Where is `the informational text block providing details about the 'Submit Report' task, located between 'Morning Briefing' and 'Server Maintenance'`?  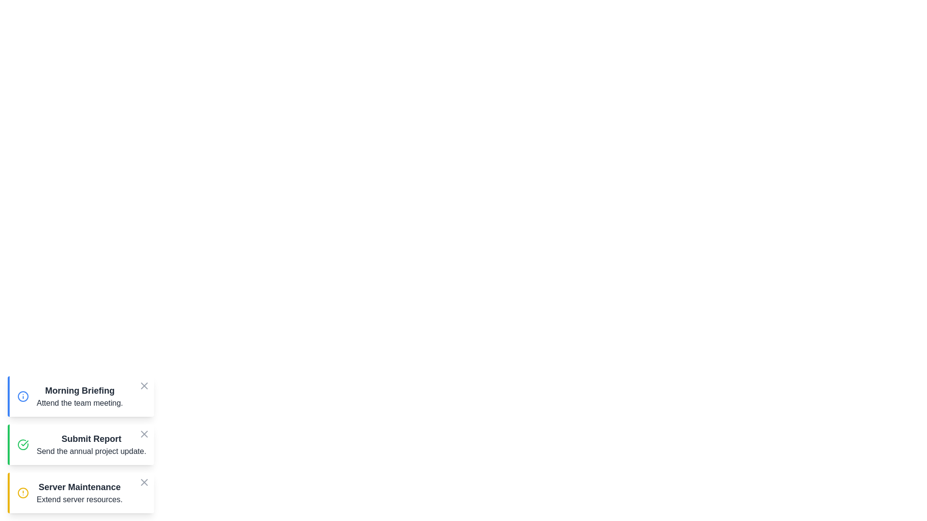
the informational text block providing details about the 'Submit Report' task, located between 'Morning Briefing' and 'Server Maintenance' is located at coordinates (82, 444).